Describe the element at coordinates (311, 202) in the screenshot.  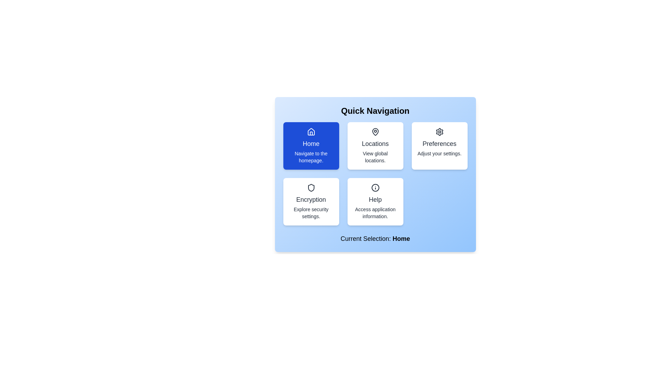
I see `the navigation option Encryption` at that location.